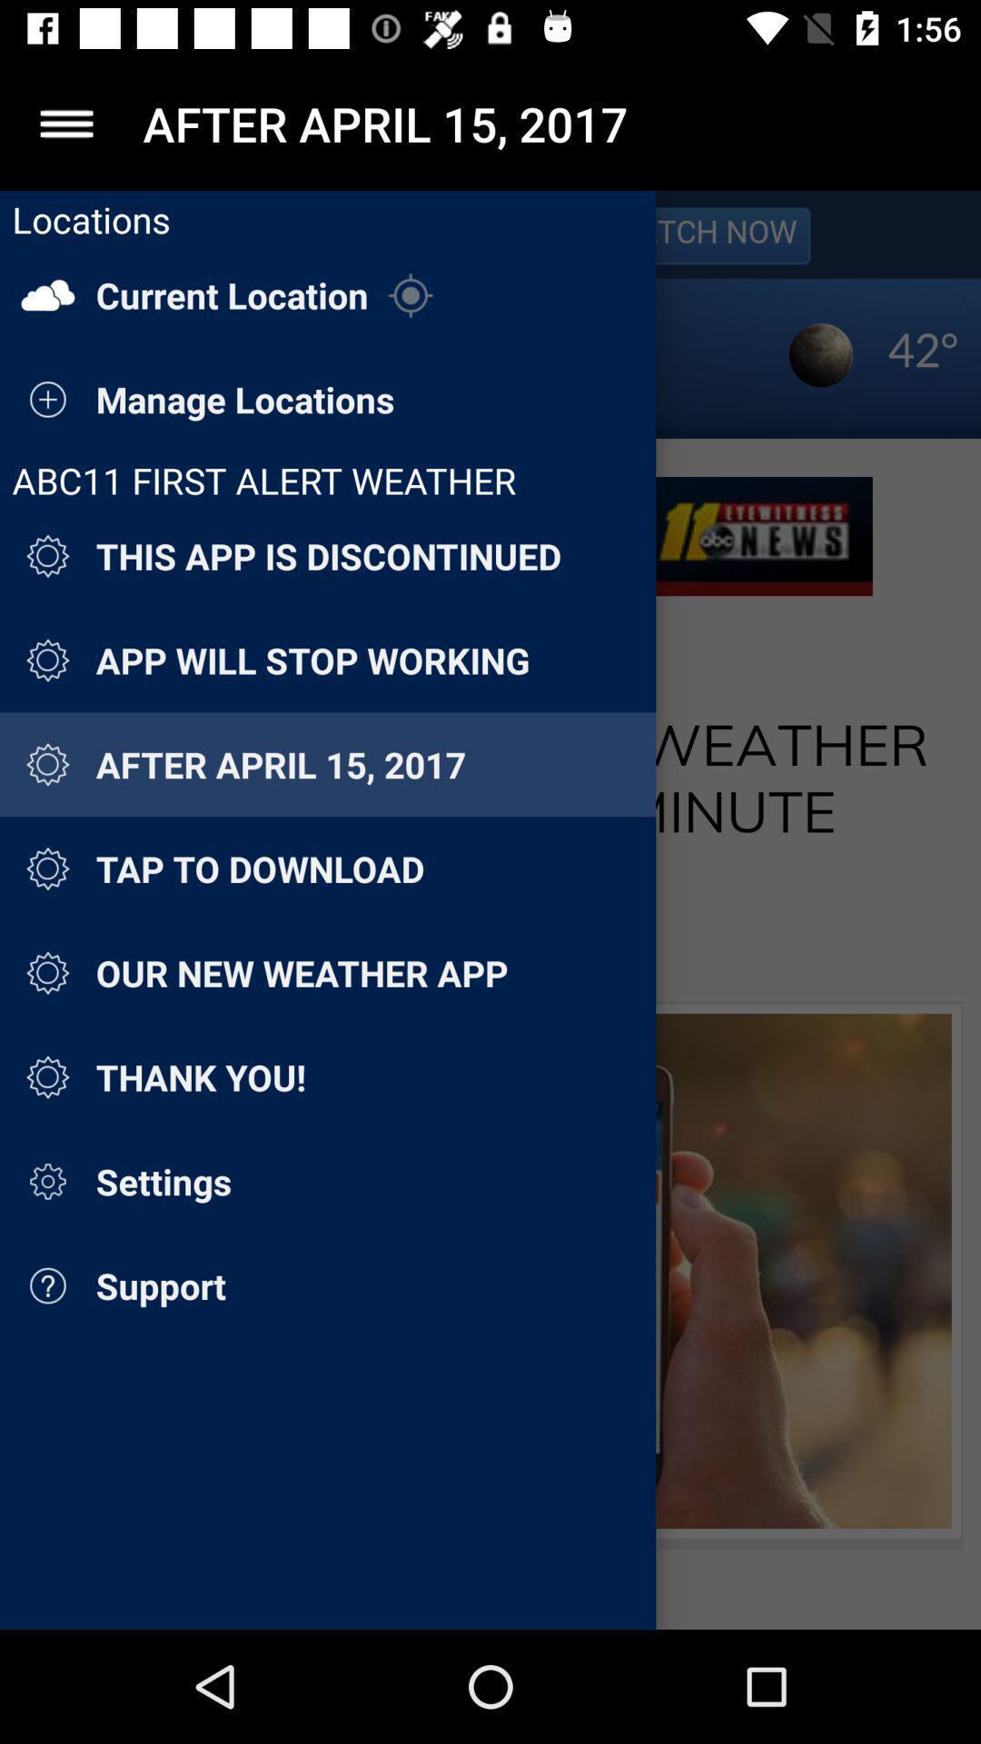 The image size is (981, 1744). Describe the element at coordinates (65, 123) in the screenshot. I see `settings` at that location.